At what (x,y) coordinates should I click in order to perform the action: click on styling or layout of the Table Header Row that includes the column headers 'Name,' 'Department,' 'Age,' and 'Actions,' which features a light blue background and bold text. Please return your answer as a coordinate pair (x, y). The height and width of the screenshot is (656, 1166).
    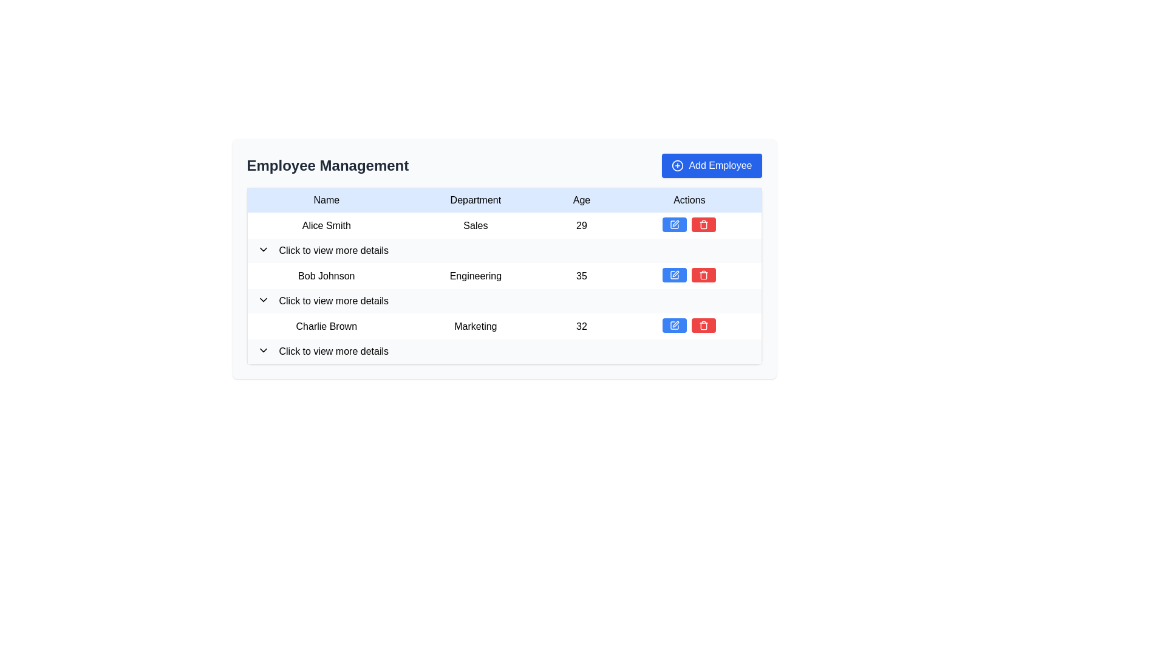
    Looking at the image, I should click on (504, 199).